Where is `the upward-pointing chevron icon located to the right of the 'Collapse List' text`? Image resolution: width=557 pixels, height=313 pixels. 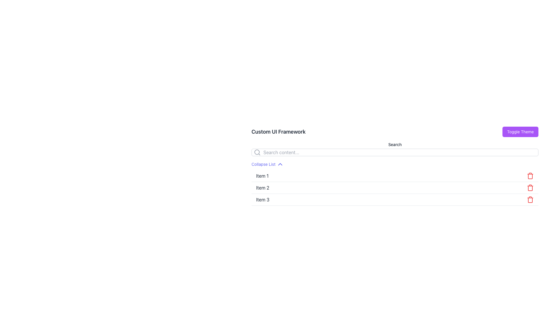 the upward-pointing chevron icon located to the right of the 'Collapse List' text is located at coordinates (280, 164).